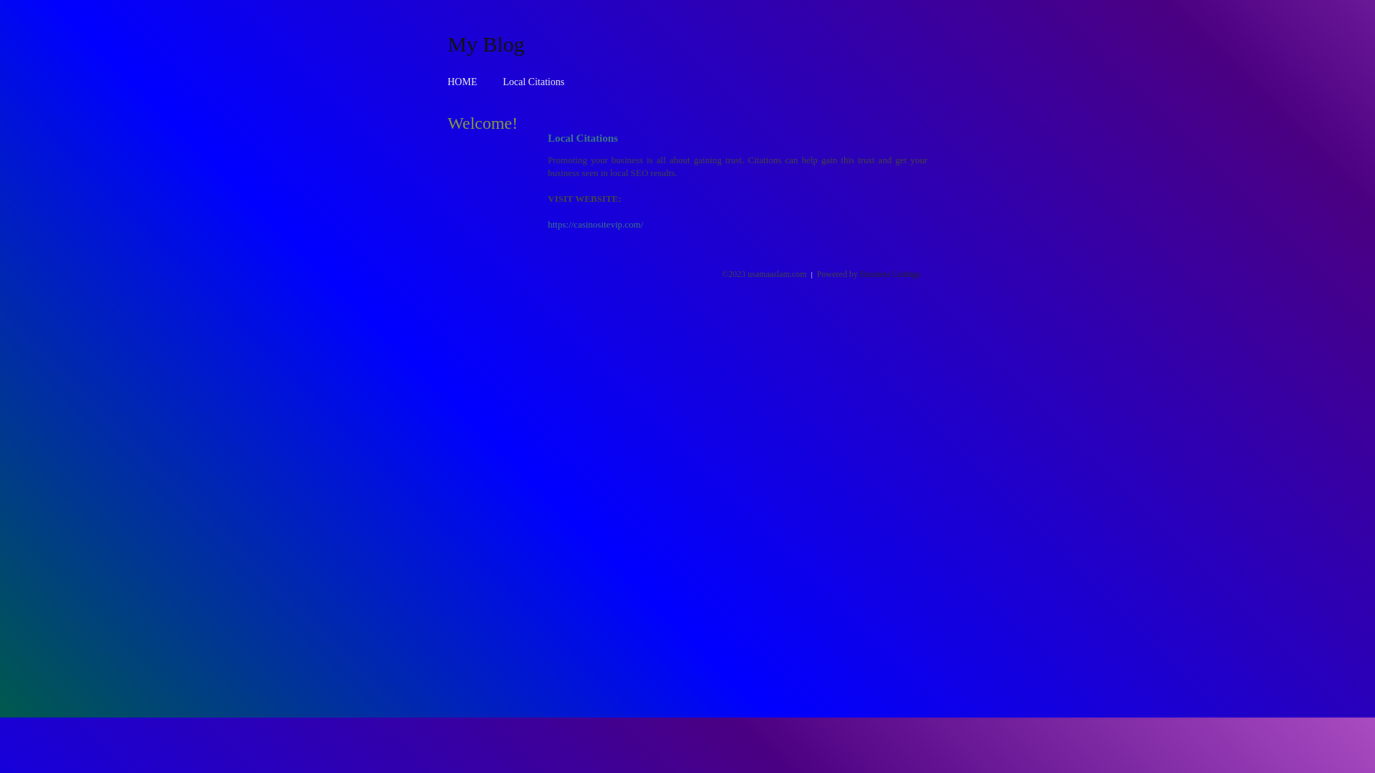 The width and height of the screenshot is (1375, 773). I want to click on 'Business Listings', so click(859, 273).